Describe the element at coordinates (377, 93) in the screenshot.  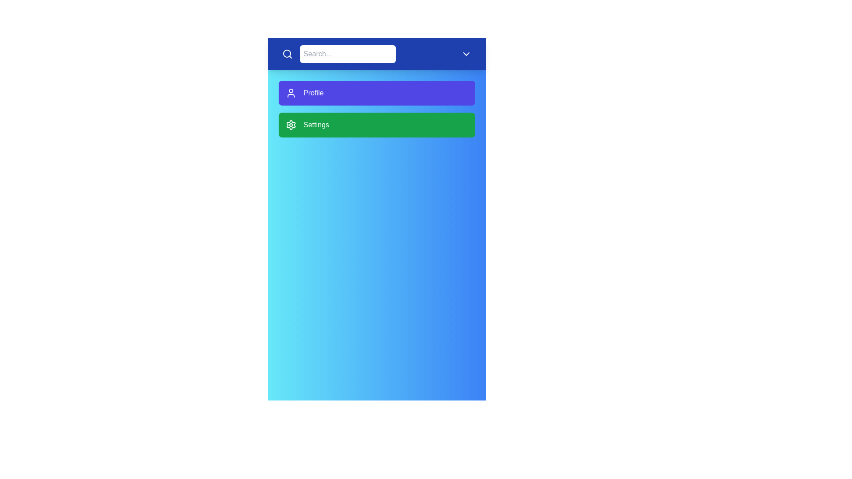
I see `the 'Profile' menu item` at that location.